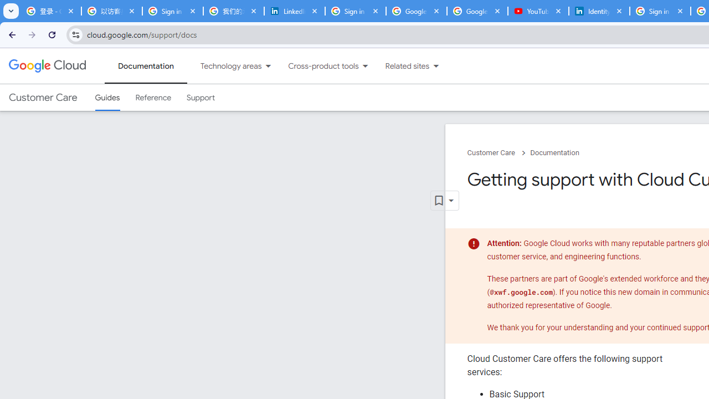  What do you see at coordinates (153, 97) in the screenshot?
I see `'Reference'` at bounding box center [153, 97].